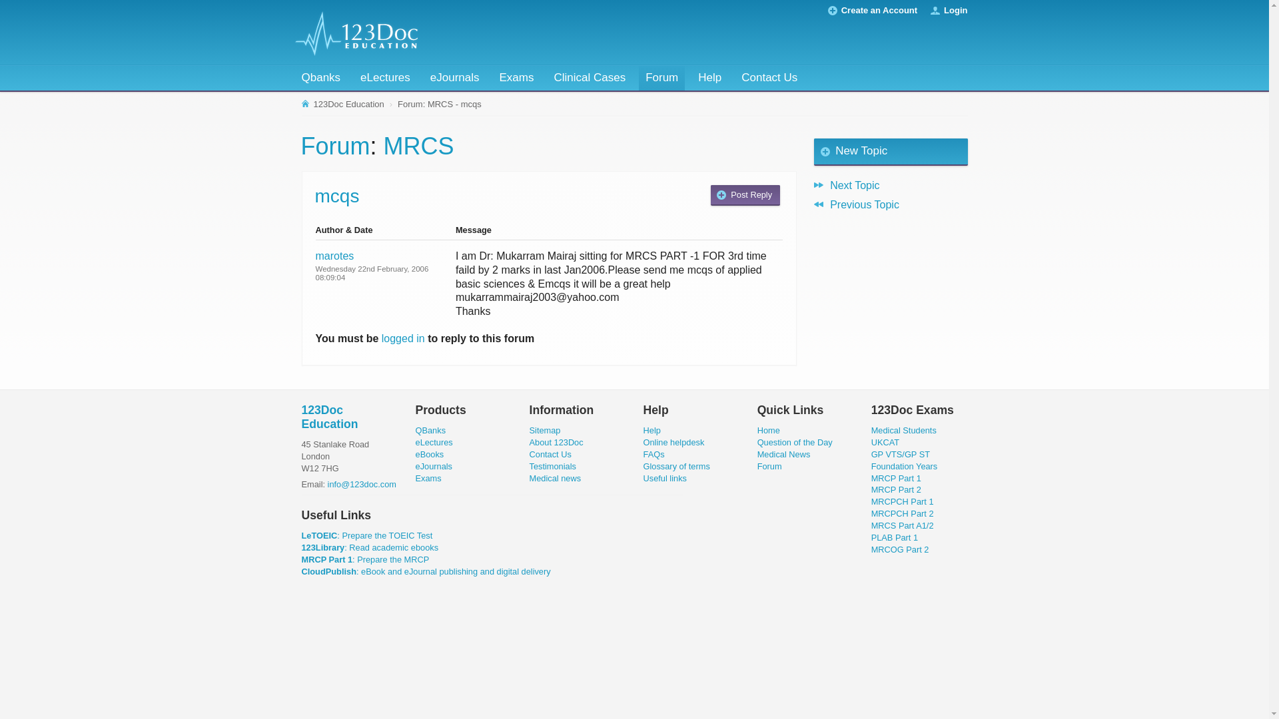 This screenshot has height=719, width=1279. I want to click on 'Forum', so click(769, 465).